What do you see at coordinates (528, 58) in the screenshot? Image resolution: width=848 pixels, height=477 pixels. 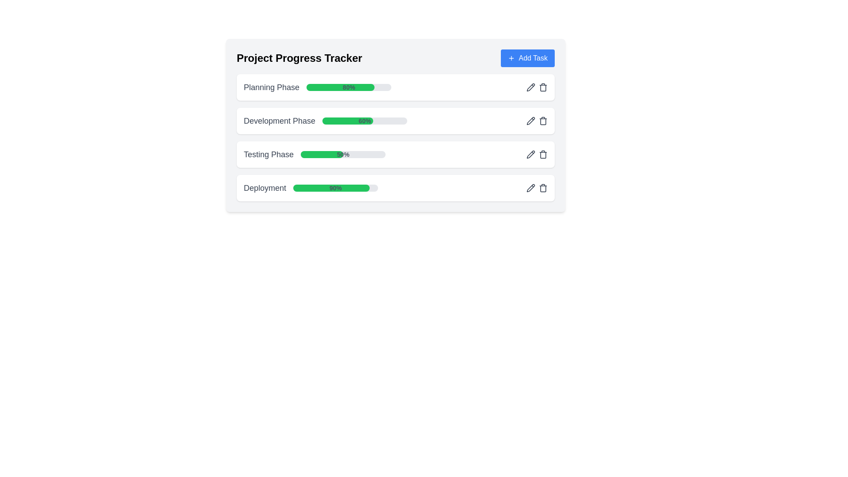 I see `the button located in the upper-right corner of the 'Project Progress Tracker' bar` at bounding box center [528, 58].